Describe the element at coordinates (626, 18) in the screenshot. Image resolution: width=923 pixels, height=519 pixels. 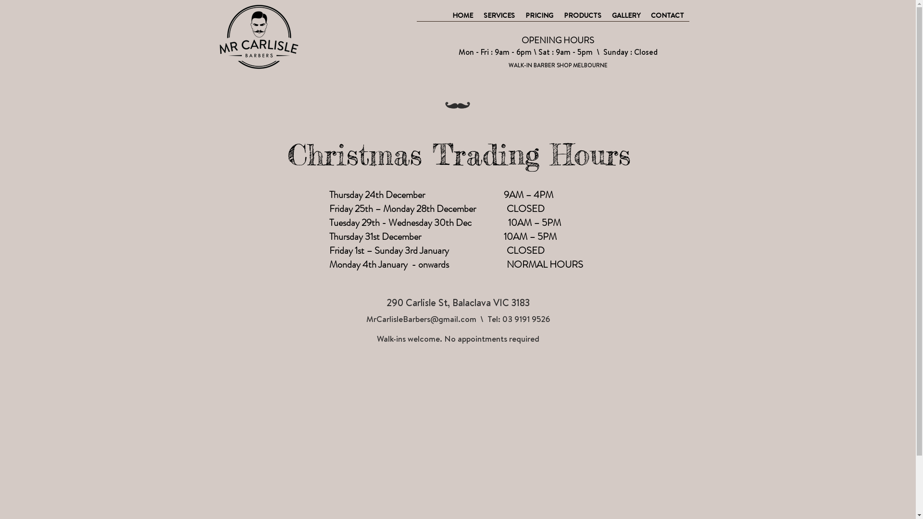
I see `'GALLERY'` at that location.